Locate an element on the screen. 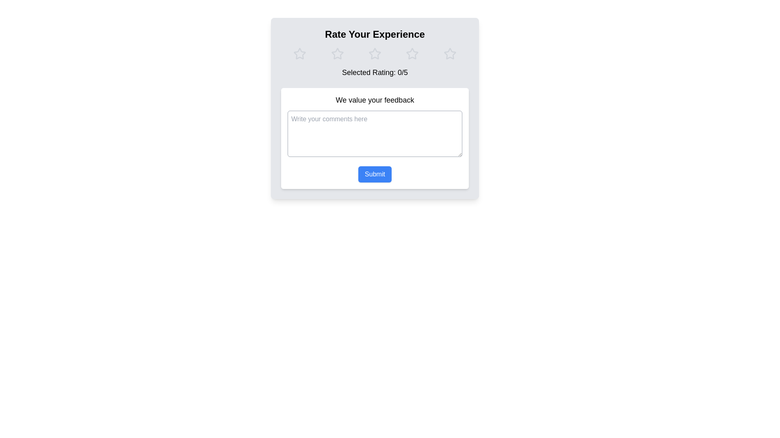  the button located below the multiline text area labeled 'Write your comments here' is located at coordinates (374, 174).